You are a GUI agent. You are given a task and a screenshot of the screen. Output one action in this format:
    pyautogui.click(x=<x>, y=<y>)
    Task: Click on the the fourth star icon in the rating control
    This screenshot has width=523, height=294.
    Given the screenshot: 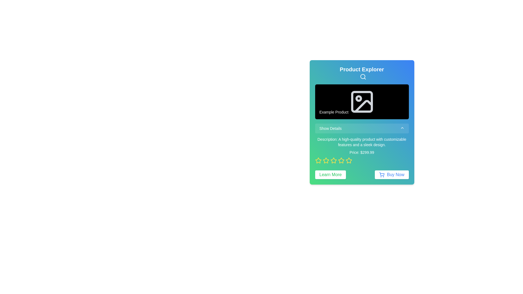 What is the action you would take?
    pyautogui.click(x=333, y=160)
    